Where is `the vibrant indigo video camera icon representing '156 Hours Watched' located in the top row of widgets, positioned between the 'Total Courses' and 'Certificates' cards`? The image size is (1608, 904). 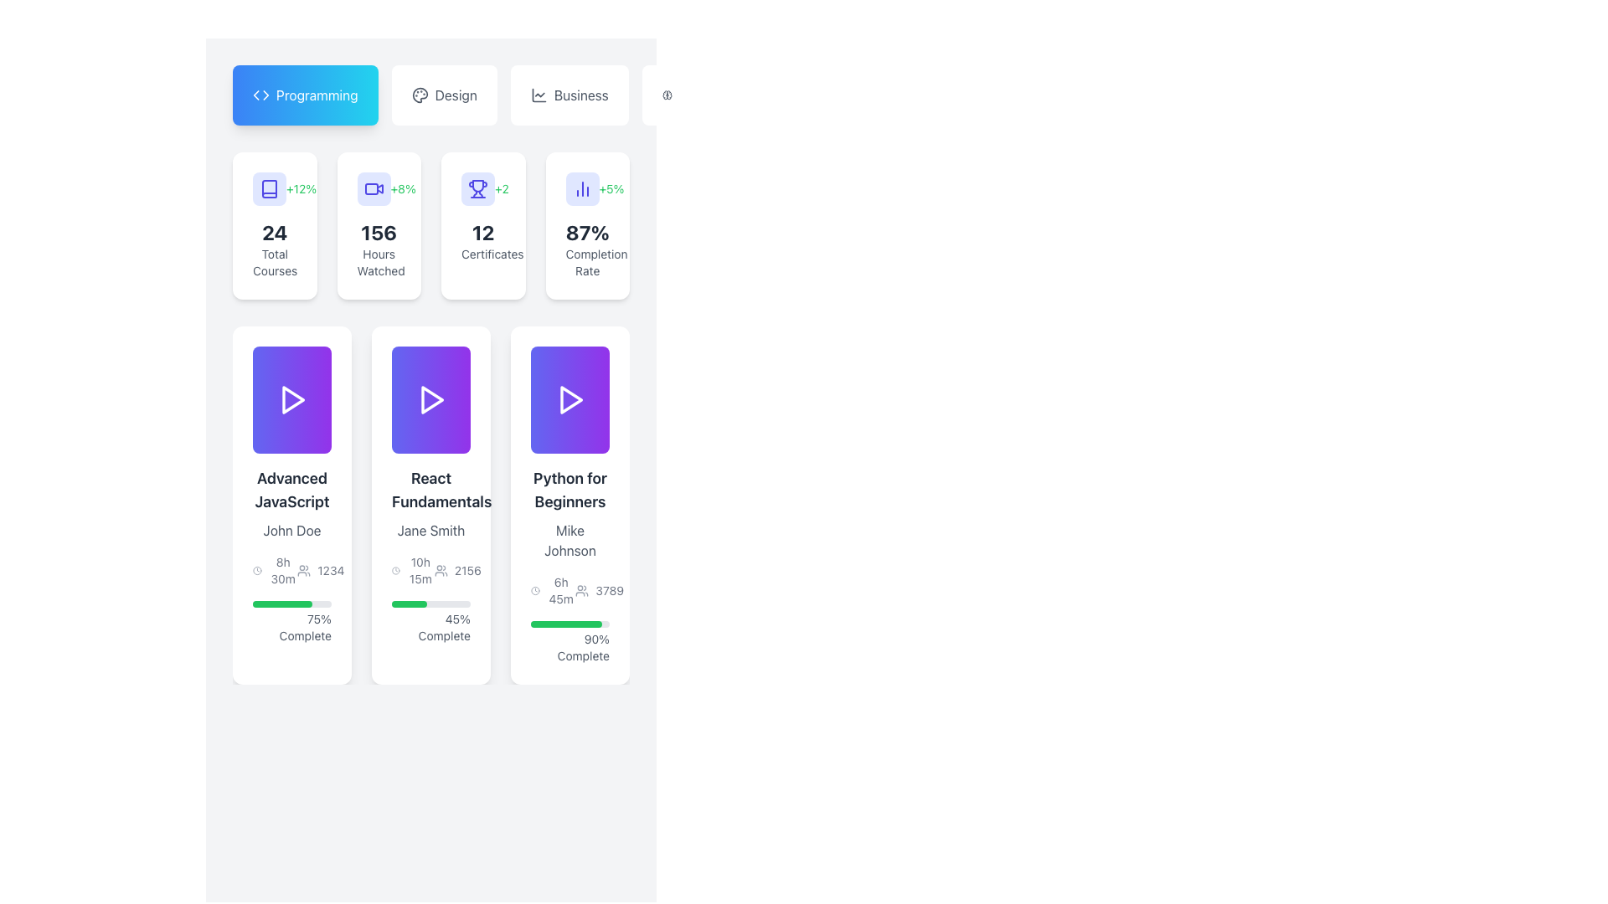 the vibrant indigo video camera icon representing '156 Hours Watched' located in the top row of widgets, positioned between the 'Total Courses' and 'Certificates' cards is located at coordinates (373, 188).